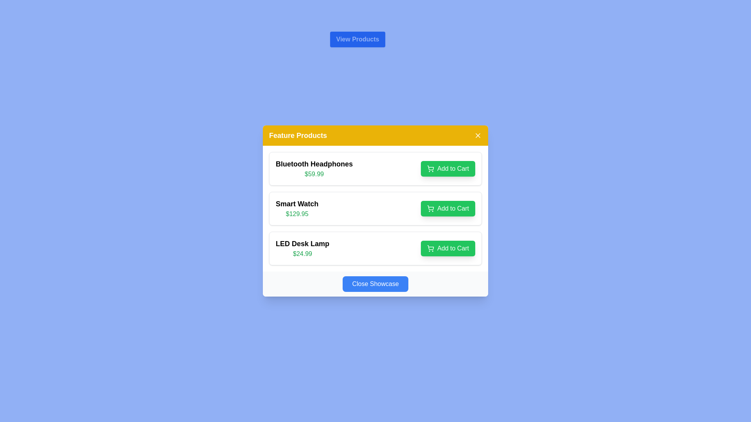 The height and width of the screenshot is (422, 751). I want to click on the 'Add to Cart' icon associated with the 'LED Desk Lamp' product, located on the right side of the third product item row, so click(430, 249).